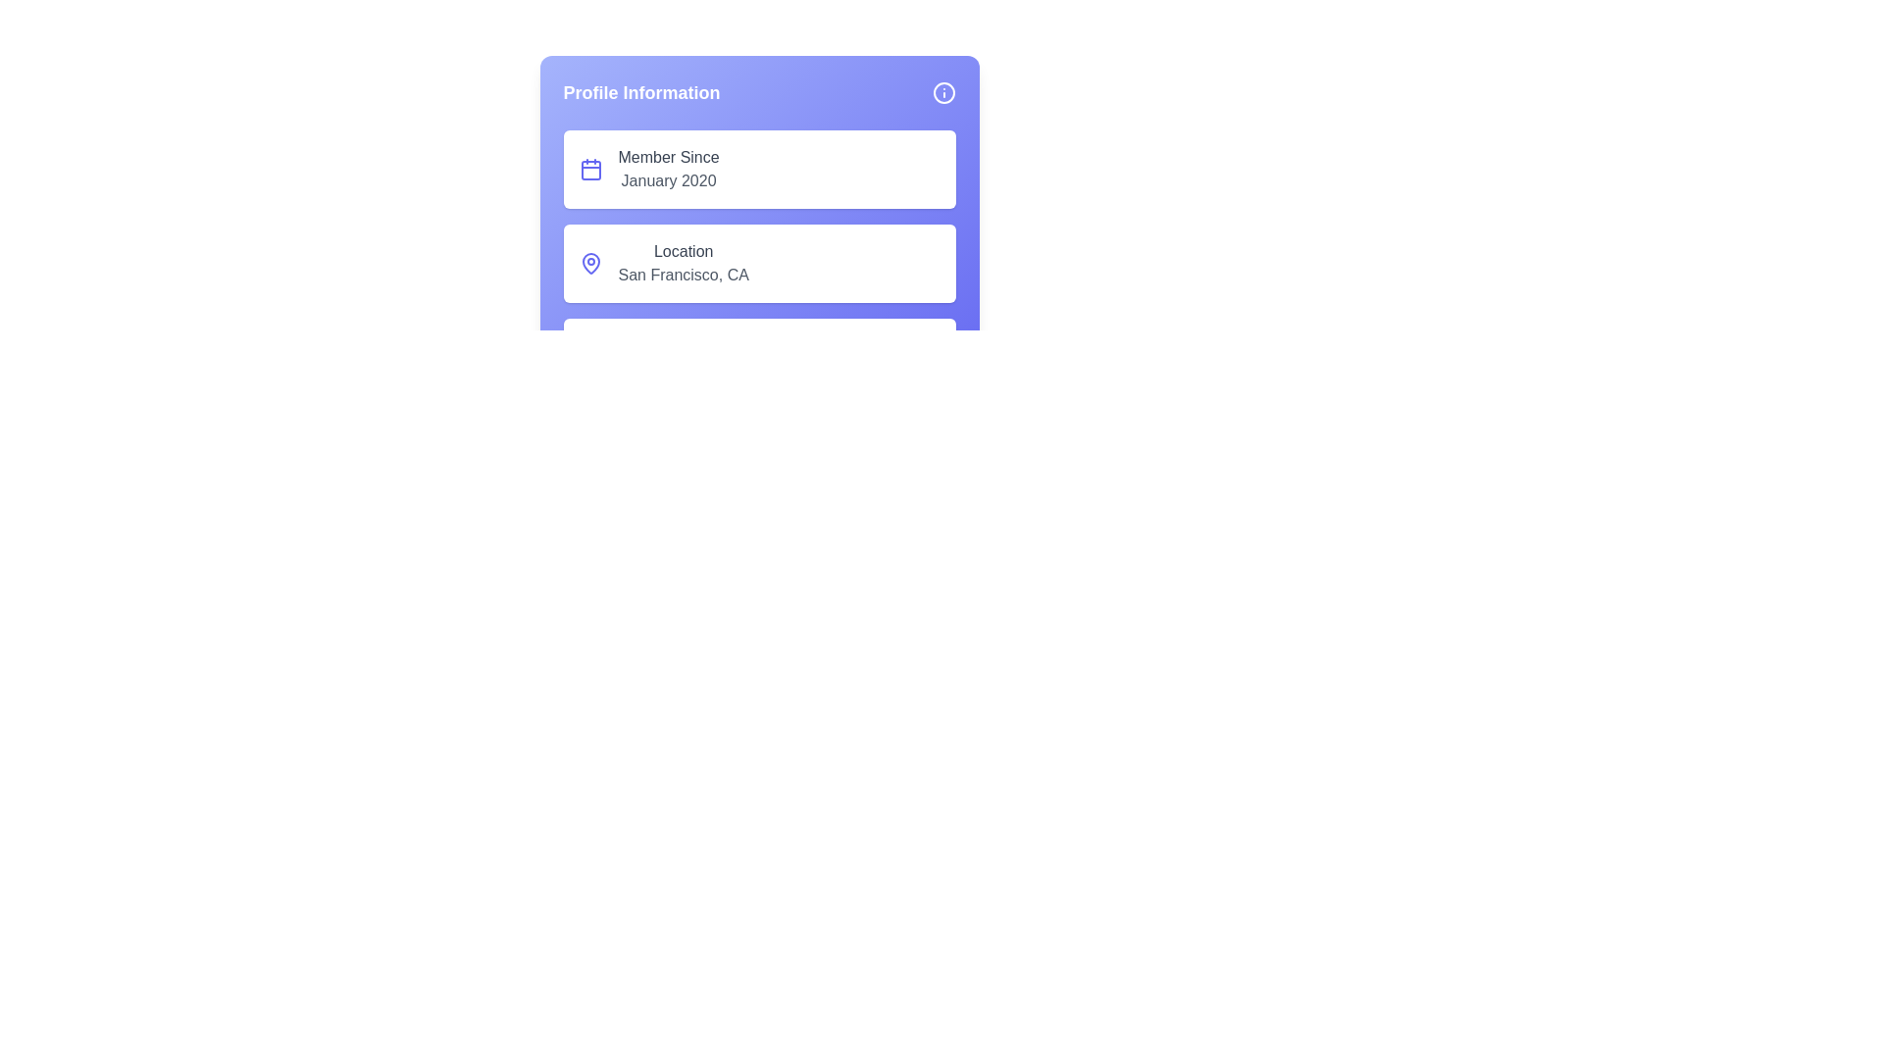  What do you see at coordinates (943, 93) in the screenshot?
I see `the circular SVG graphic element that serves as the boundary of the information icon located in the top-right portion of the profile information card` at bounding box center [943, 93].